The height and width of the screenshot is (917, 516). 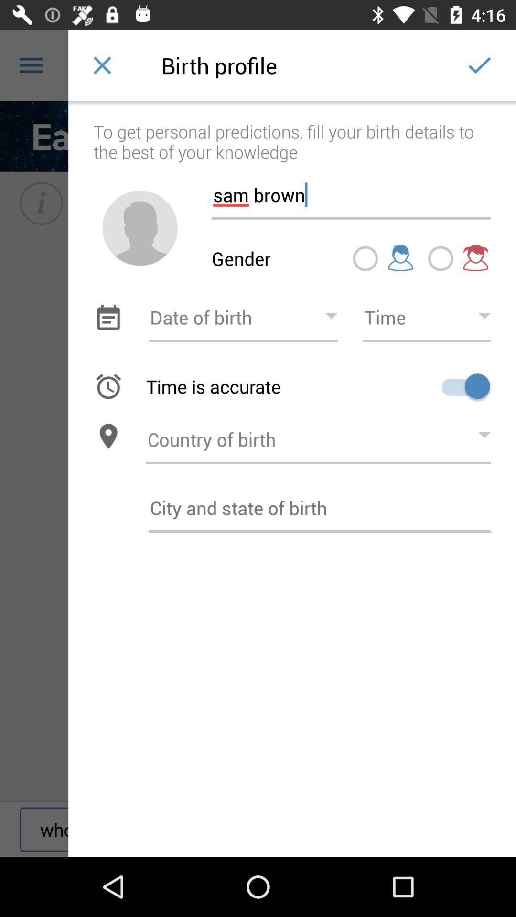 What do you see at coordinates (462, 386) in the screenshot?
I see `'time is accurate option` at bounding box center [462, 386].